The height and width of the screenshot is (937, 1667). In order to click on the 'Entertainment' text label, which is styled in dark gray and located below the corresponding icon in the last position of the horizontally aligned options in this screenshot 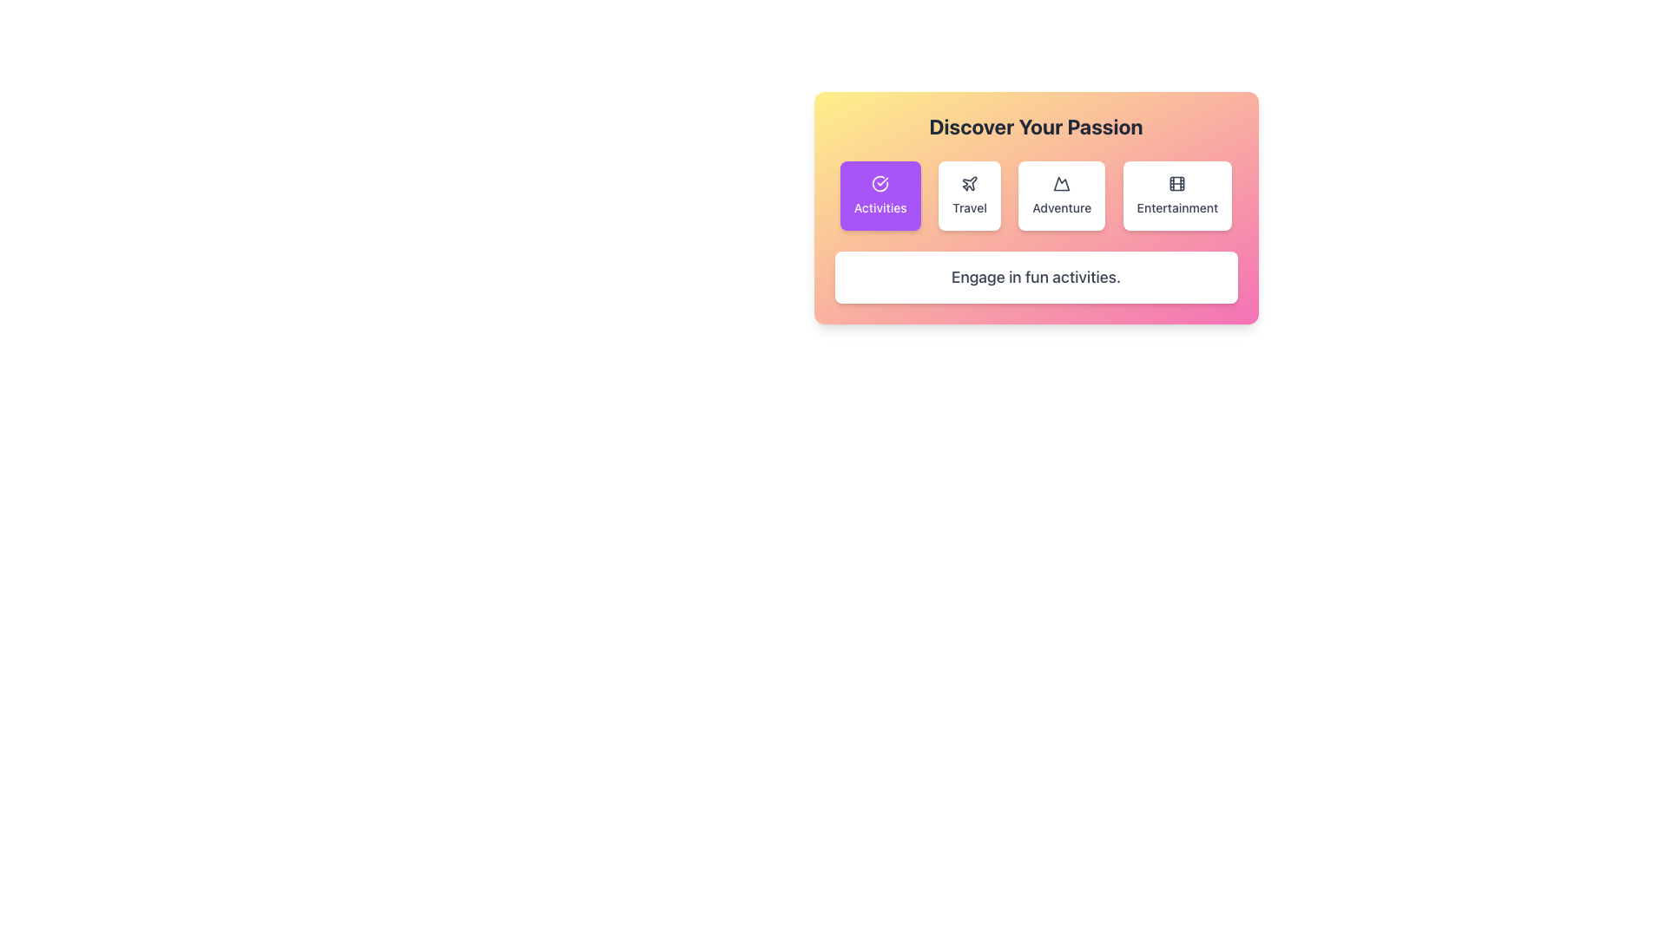, I will do `click(1177, 206)`.